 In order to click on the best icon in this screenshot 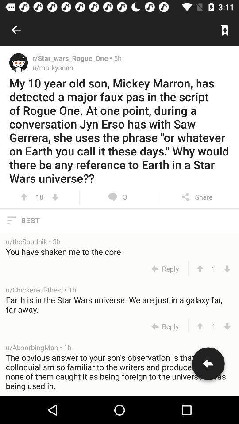, I will do `click(119, 220)`.